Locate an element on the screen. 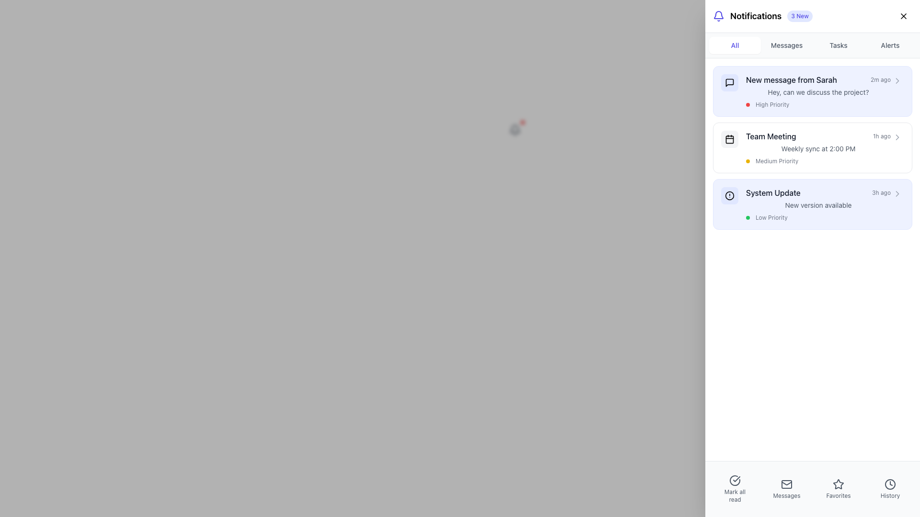  the 'Favorites' text label located in the bottom navigation bar, which is styled in gray and part of a button-like component with a star icon above it is located at coordinates (838, 495).